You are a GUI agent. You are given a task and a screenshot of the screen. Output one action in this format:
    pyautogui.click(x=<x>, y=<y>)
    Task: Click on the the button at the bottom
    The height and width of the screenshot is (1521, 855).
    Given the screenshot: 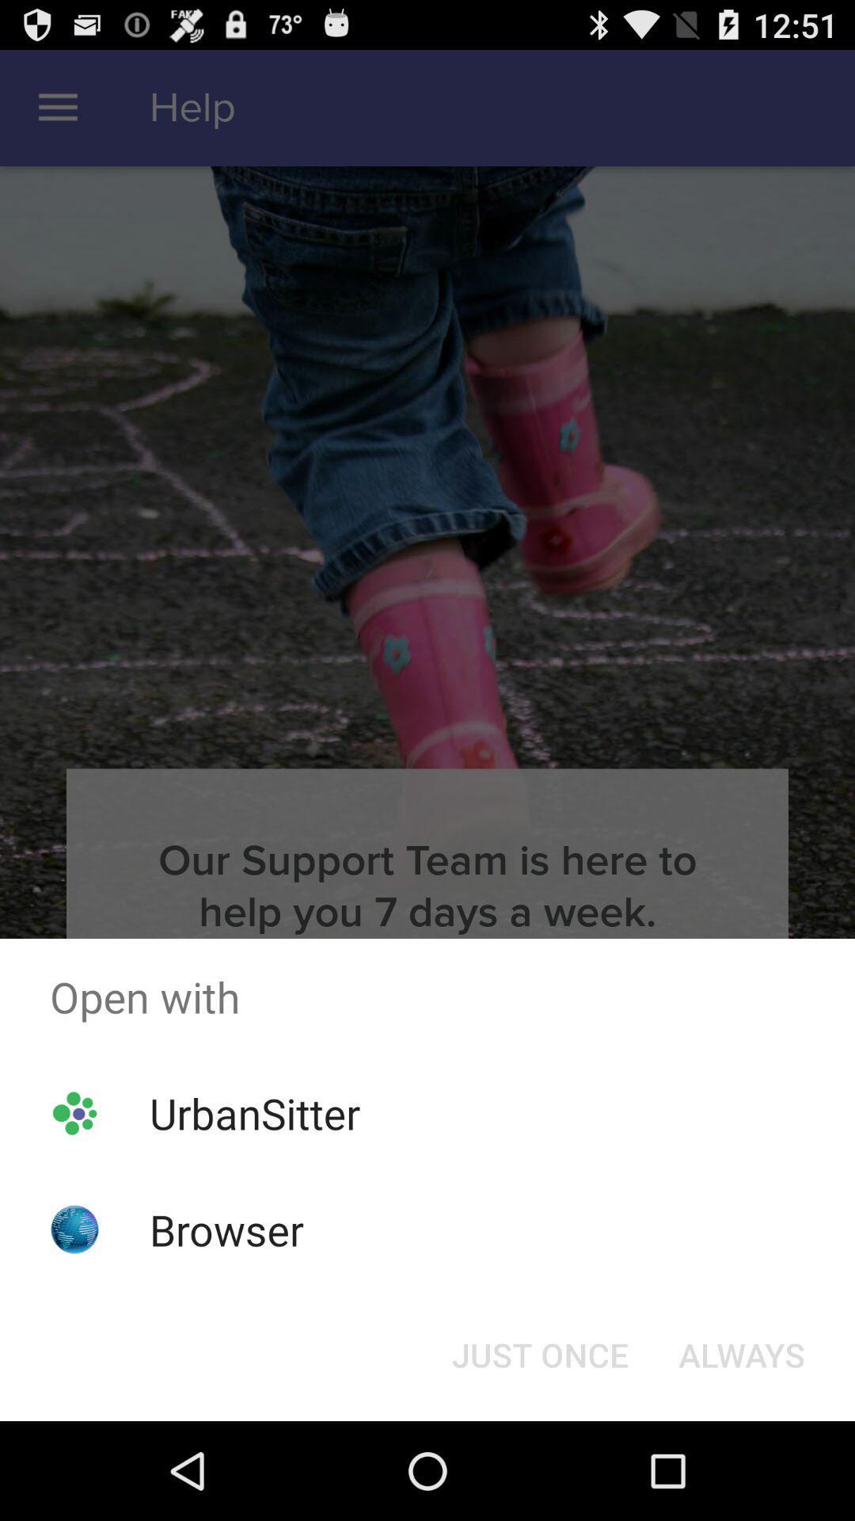 What is the action you would take?
    pyautogui.click(x=539, y=1353)
    